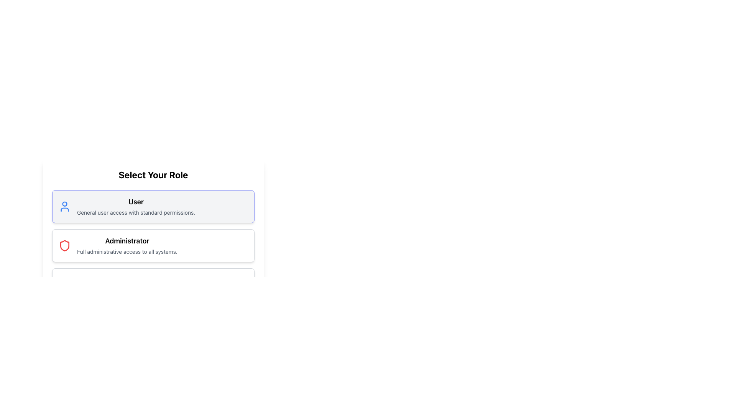 This screenshot has width=736, height=414. Describe the element at coordinates (64, 245) in the screenshot. I see `the red shield icon located within the 'Administrator' button, which is the second option in the role selection list` at that location.